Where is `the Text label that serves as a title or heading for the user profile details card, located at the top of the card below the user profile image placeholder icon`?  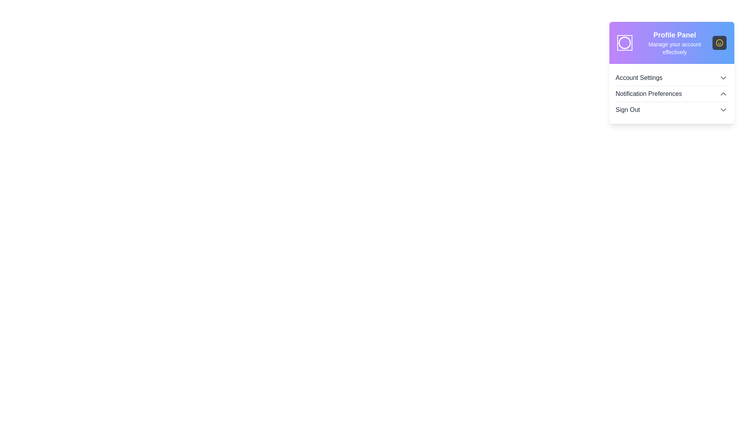 the Text label that serves as a title or heading for the user profile details card, located at the top of the card below the user profile image placeholder icon is located at coordinates (674, 34).